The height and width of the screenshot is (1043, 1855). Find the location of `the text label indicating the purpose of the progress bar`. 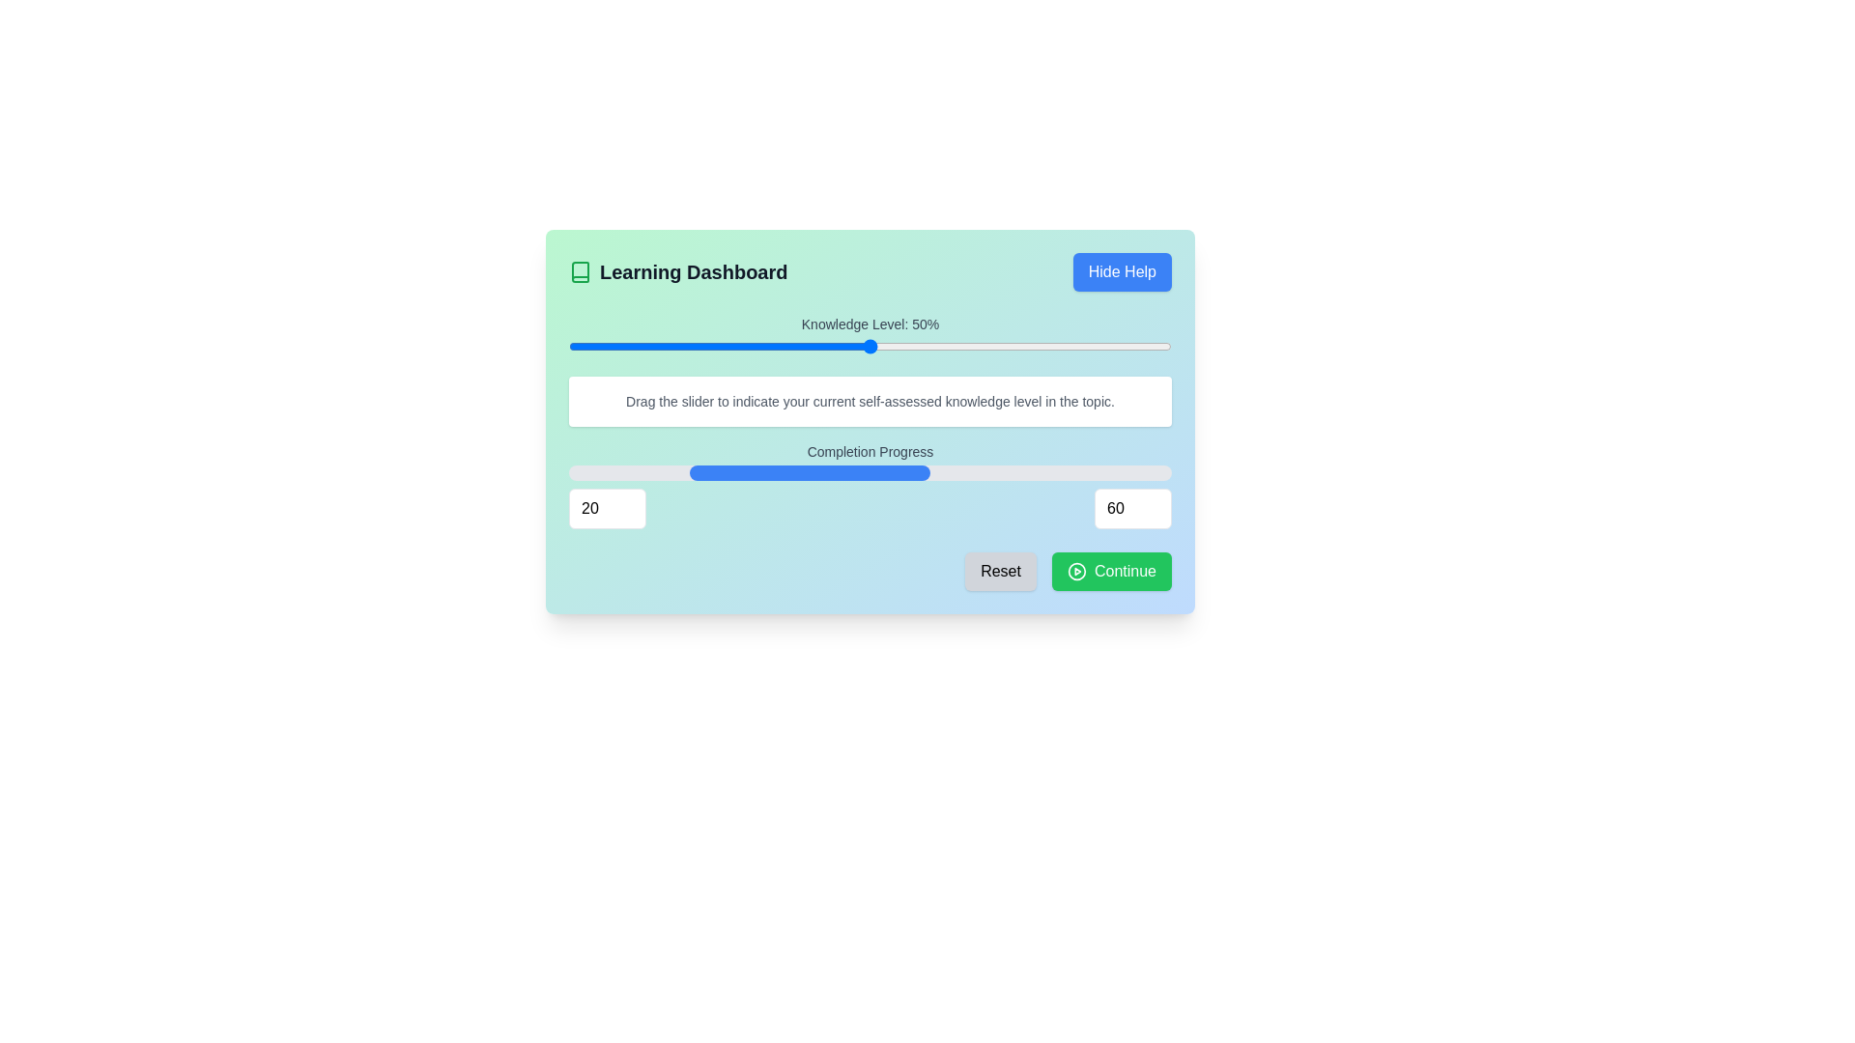

the text label indicating the purpose of the progress bar is located at coordinates (870, 451).